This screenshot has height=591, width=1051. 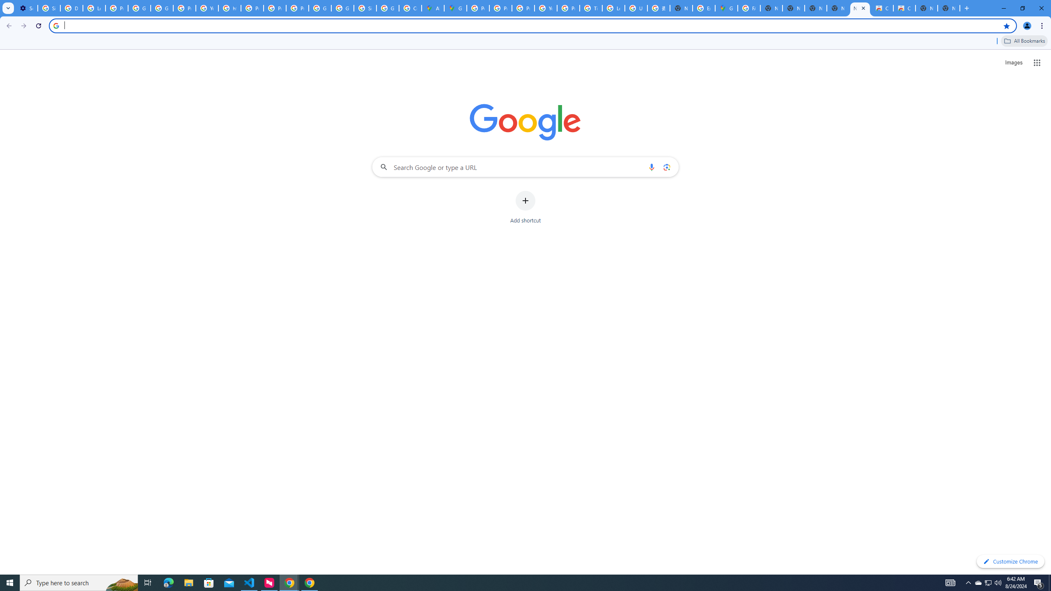 I want to click on 'Policy Accountability and Transparency - Transparency Center', so click(x=477, y=8).